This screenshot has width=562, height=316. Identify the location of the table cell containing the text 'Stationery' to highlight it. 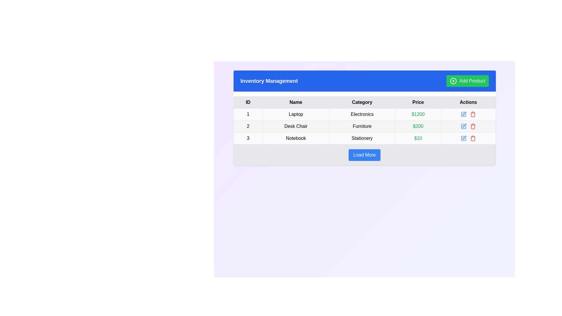
(362, 138).